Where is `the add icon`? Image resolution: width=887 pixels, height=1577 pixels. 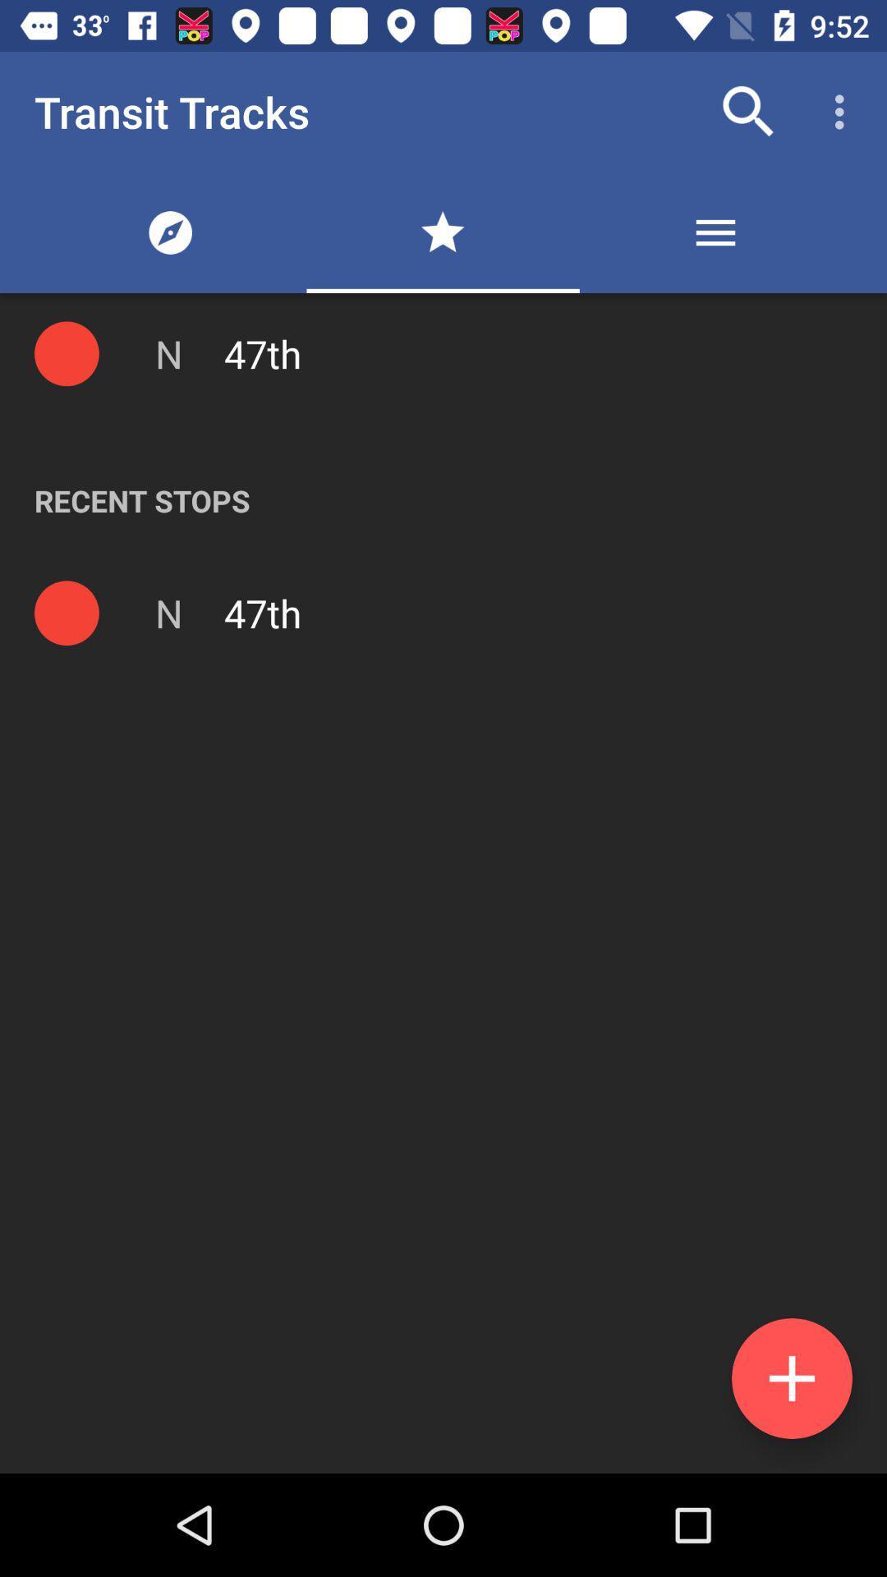 the add icon is located at coordinates (791, 1378).